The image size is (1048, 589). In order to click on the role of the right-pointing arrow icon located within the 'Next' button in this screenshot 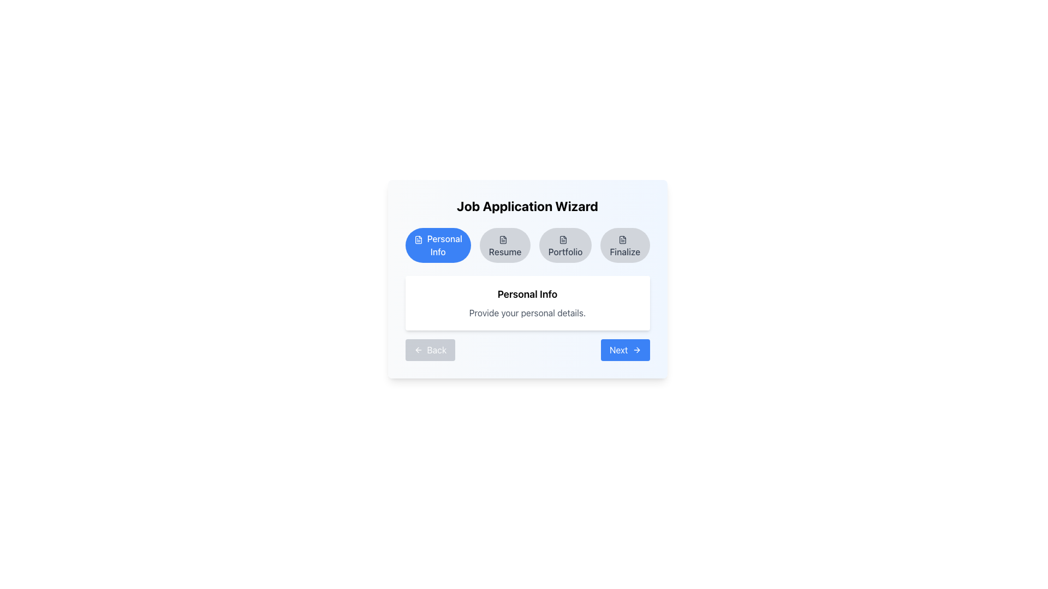, I will do `click(636, 350)`.